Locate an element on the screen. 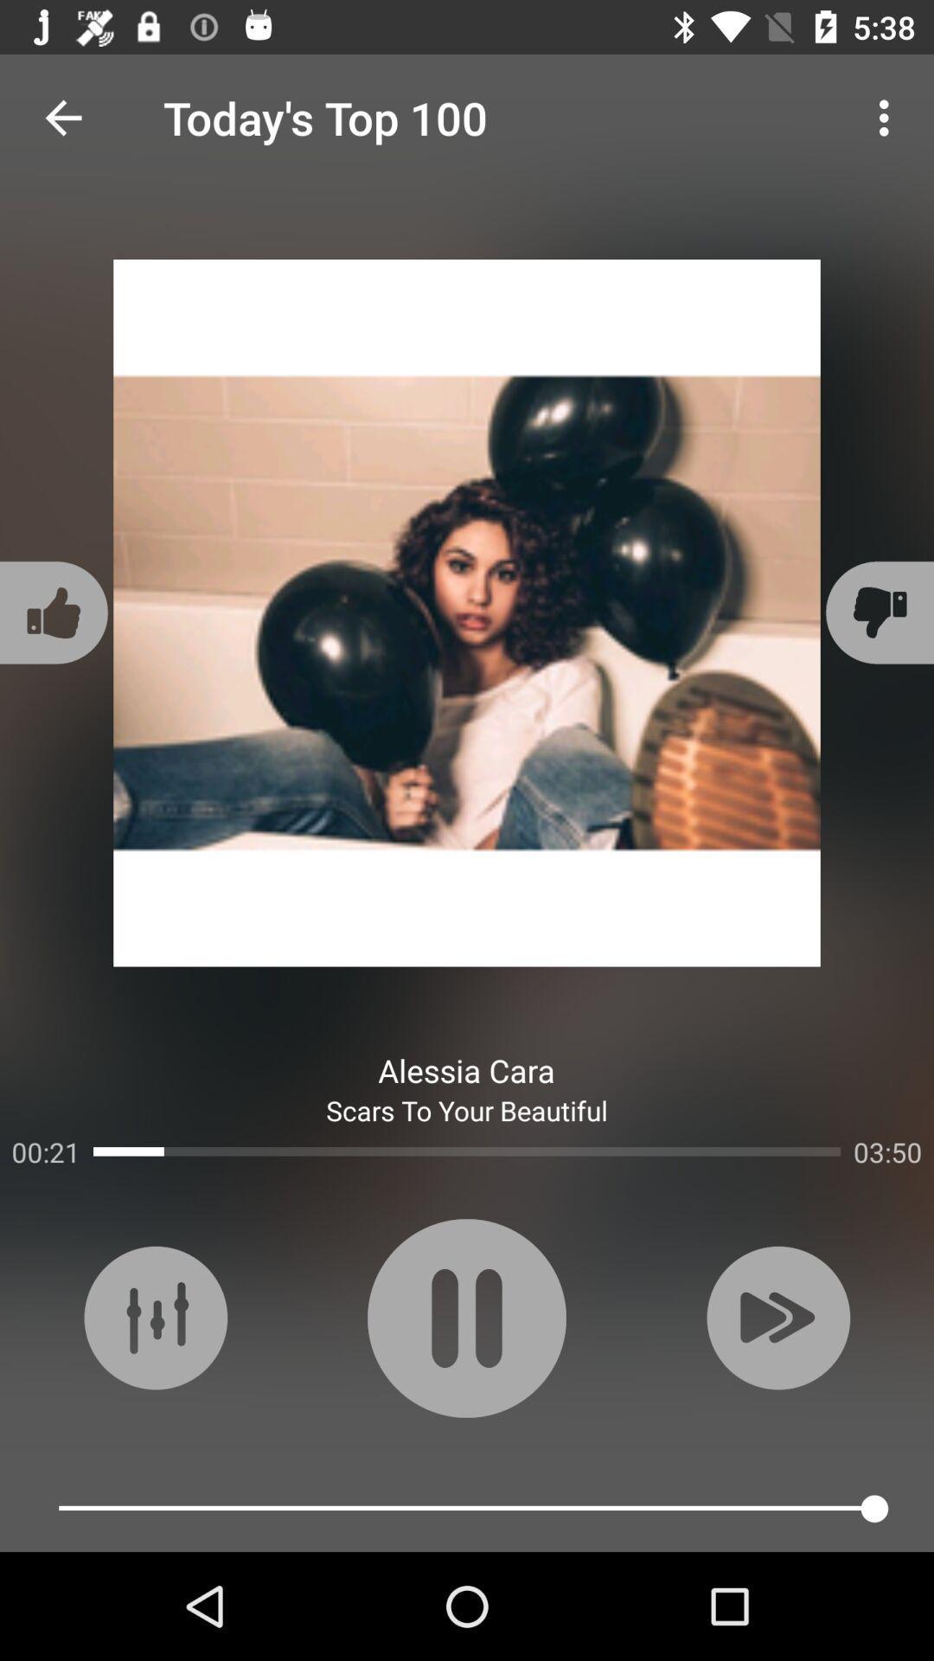 Image resolution: width=934 pixels, height=1661 pixels. icon on the left is located at coordinates (55, 612).